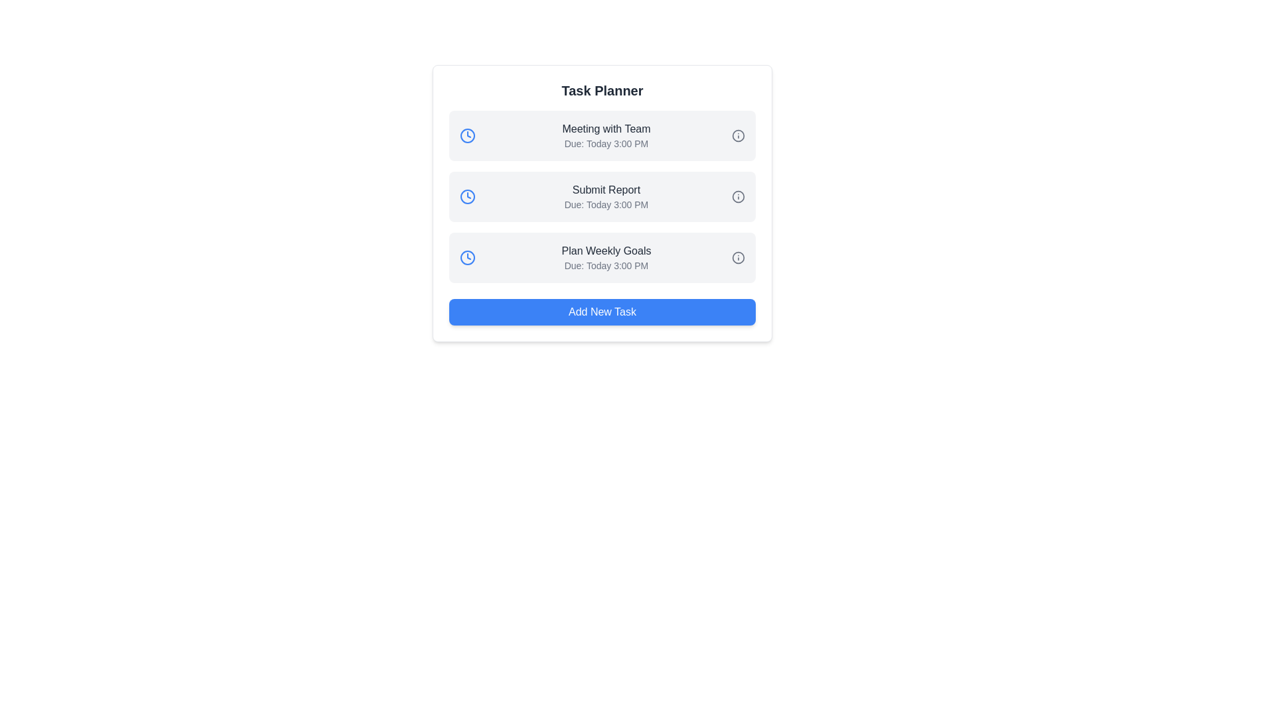  I want to click on the 'Submit Report' text label, which serves as the main identifier for the task item located in the second task block of the task planner interface, so click(605, 190).